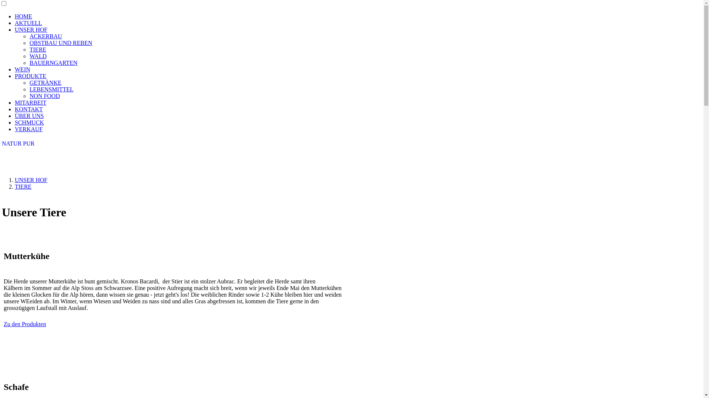  I want to click on 'AKTUELL', so click(14, 22).